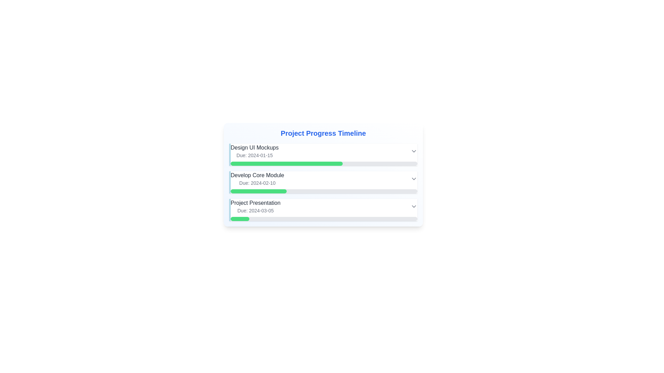 This screenshot has height=373, width=664. I want to click on the current progress of the progress bar located directly below the text 'Due: 2024-02-10' in the 'Develop Core Module' task card by clicking on the filled section, so click(323, 191).